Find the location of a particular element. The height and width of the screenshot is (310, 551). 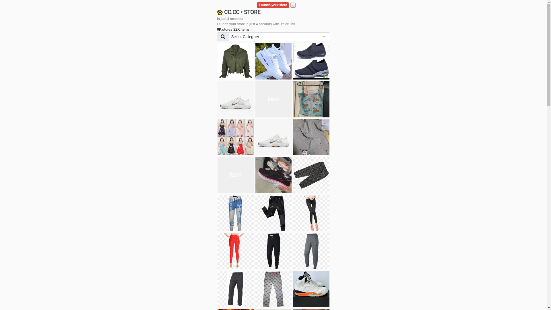

'jacket' is located at coordinates (235, 61).